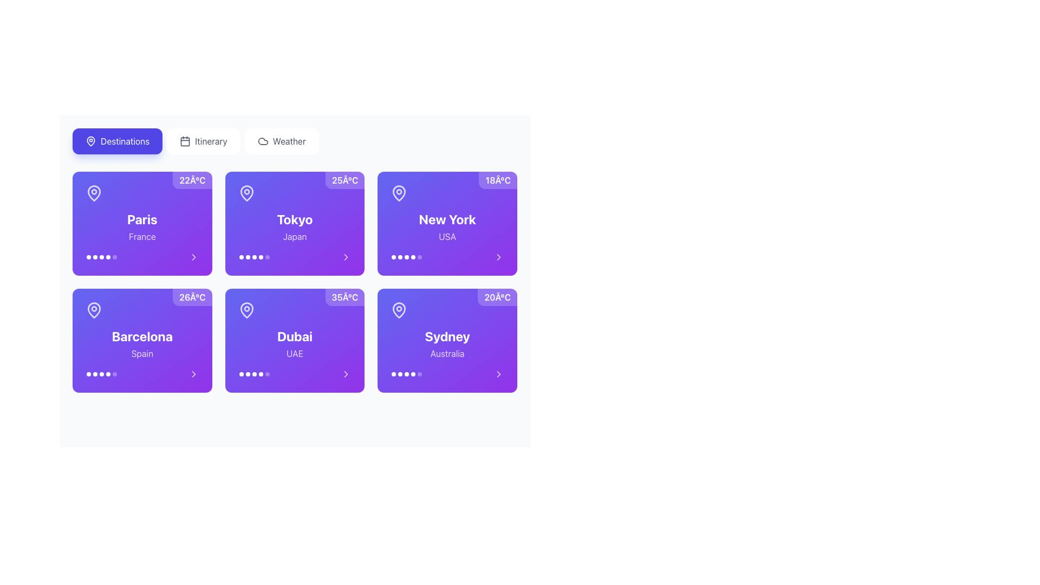 The image size is (1040, 585). What do you see at coordinates (346, 373) in the screenshot?
I see `the navigation icon located at the bottom-right region of the card labeled 'Dubai UAE', which is the sixth card in a grid layout` at bounding box center [346, 373].